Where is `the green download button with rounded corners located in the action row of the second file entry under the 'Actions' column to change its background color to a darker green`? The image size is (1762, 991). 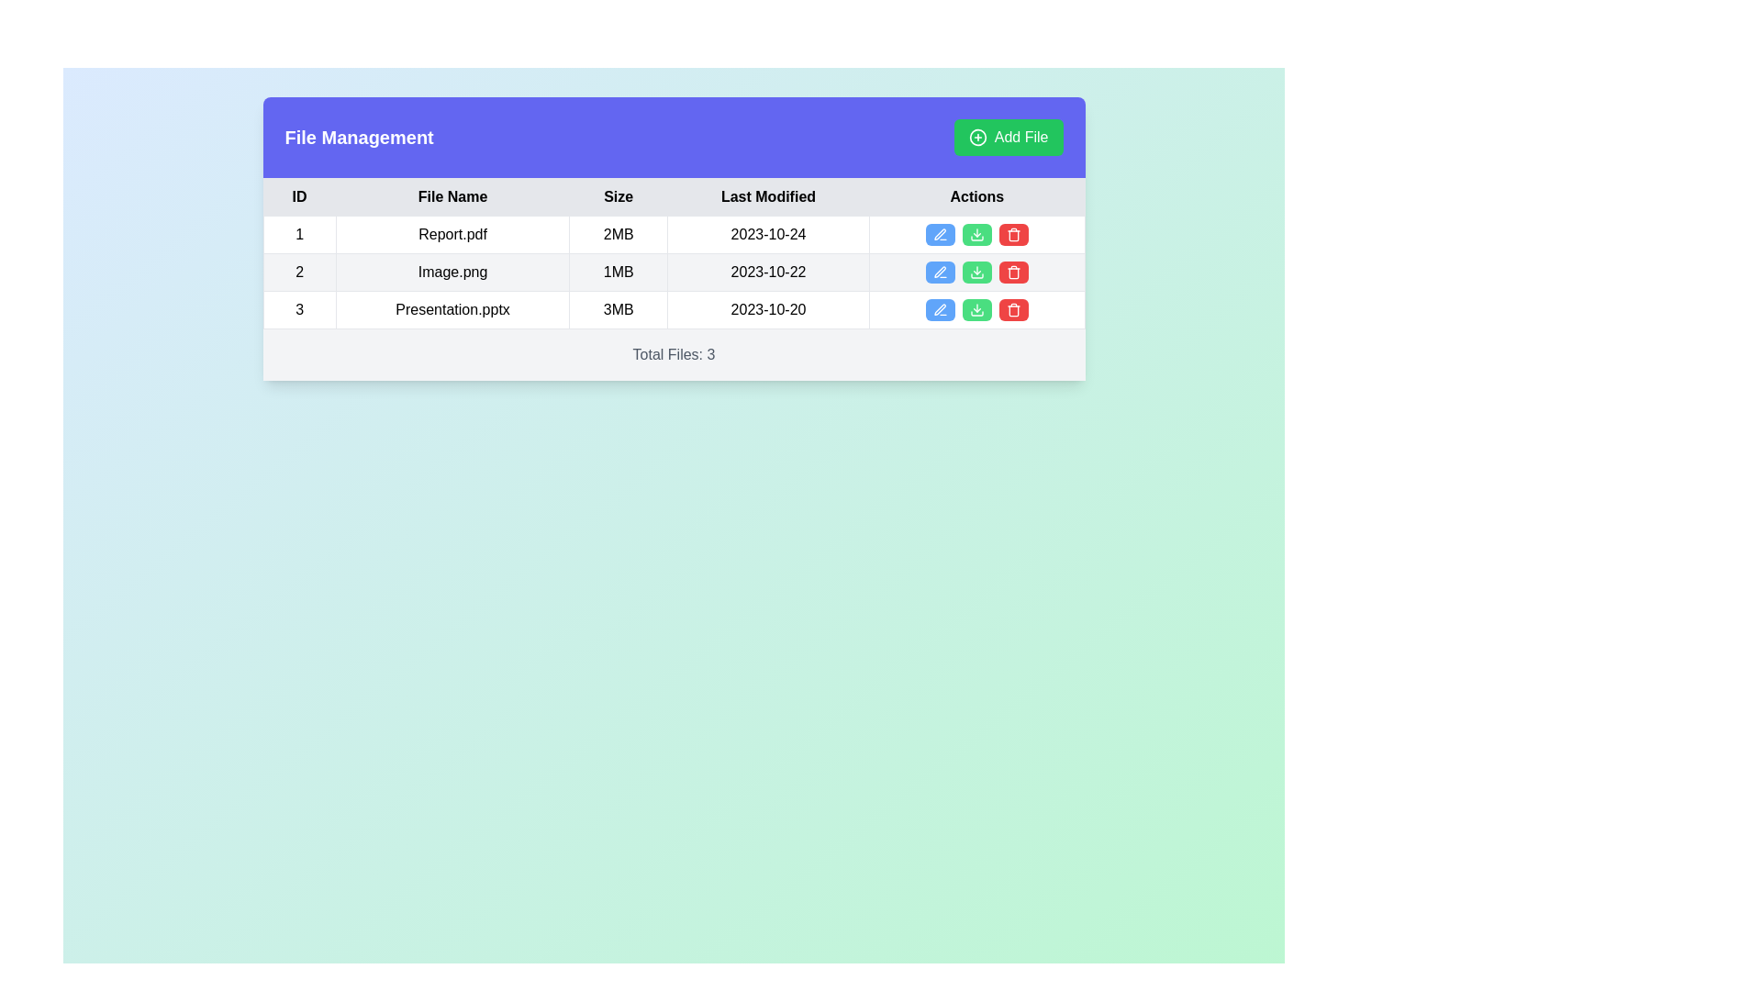
the green download button with rounded corners located in the action row of the second file entry under the 'Actions' column to change its background color to a darker green is located at coordinates (976, 273).